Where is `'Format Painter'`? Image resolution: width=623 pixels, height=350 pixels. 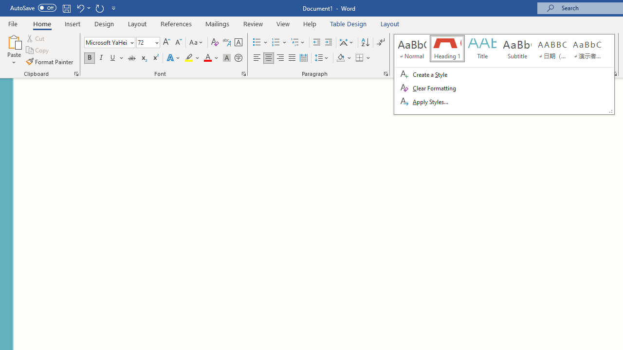
'Format Painter' is located at coordinates (50, 62).